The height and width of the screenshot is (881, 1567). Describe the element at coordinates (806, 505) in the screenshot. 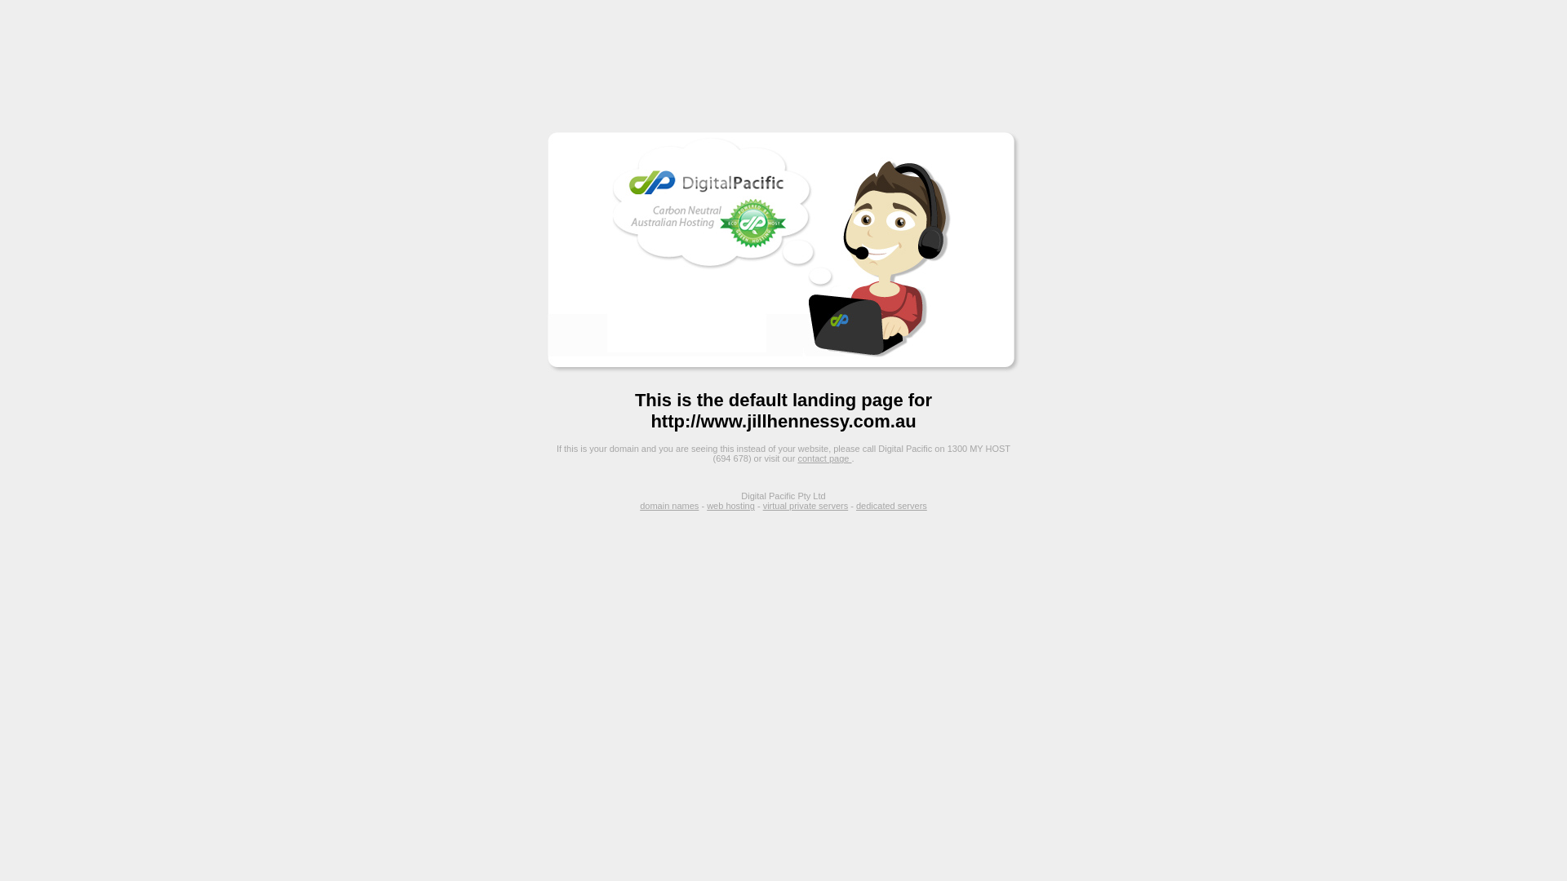

I see `'virtual private servers'` at that location.